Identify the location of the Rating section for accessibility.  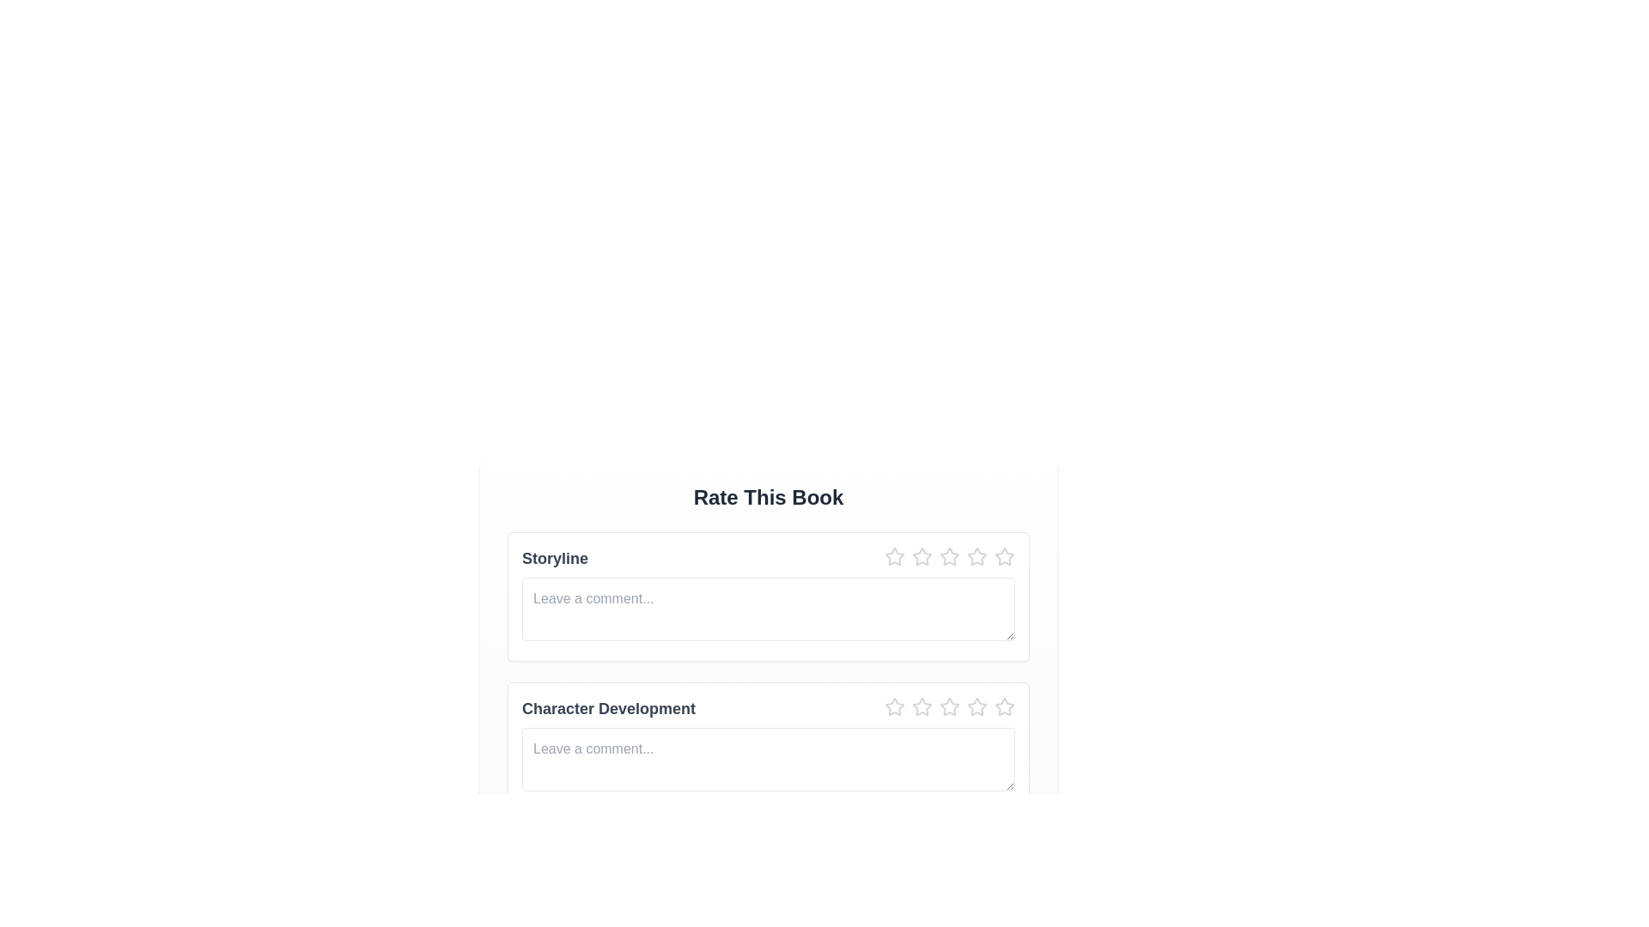
(767, 559).